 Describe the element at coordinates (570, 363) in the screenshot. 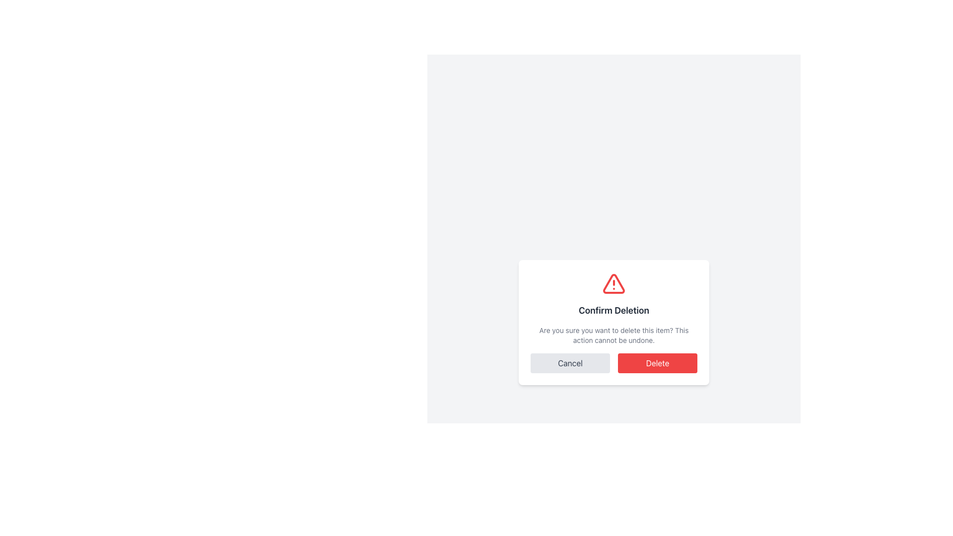

I see `the leftmost cancellation button in the dialog box` at that location.